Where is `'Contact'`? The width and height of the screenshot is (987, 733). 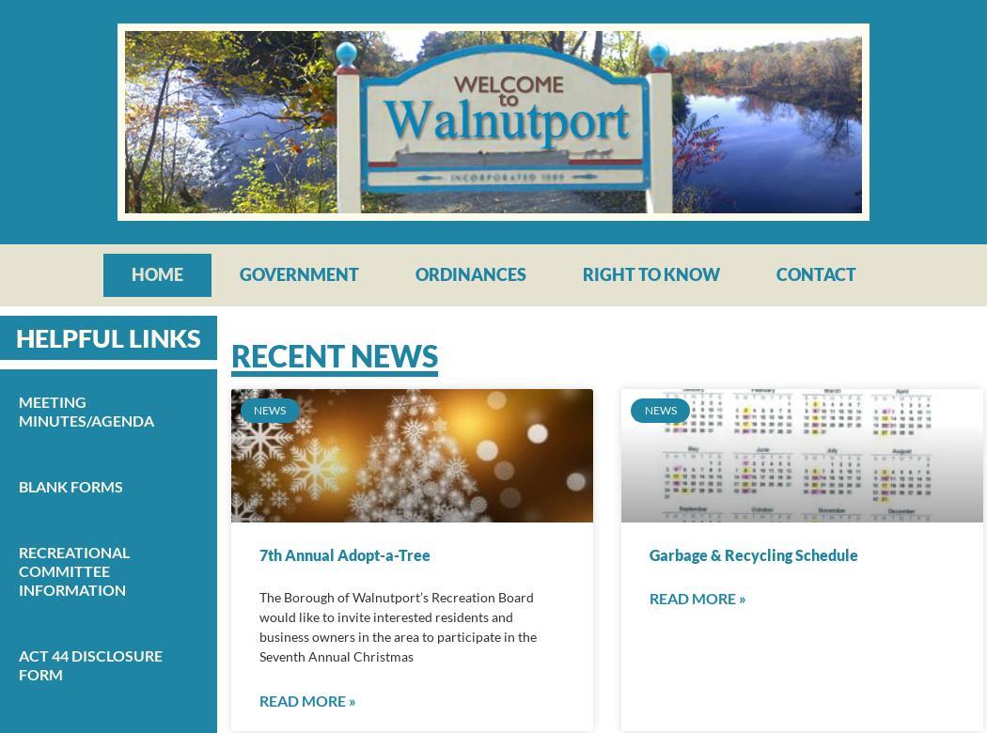 'Contact' is located at coordinates (814, 273).